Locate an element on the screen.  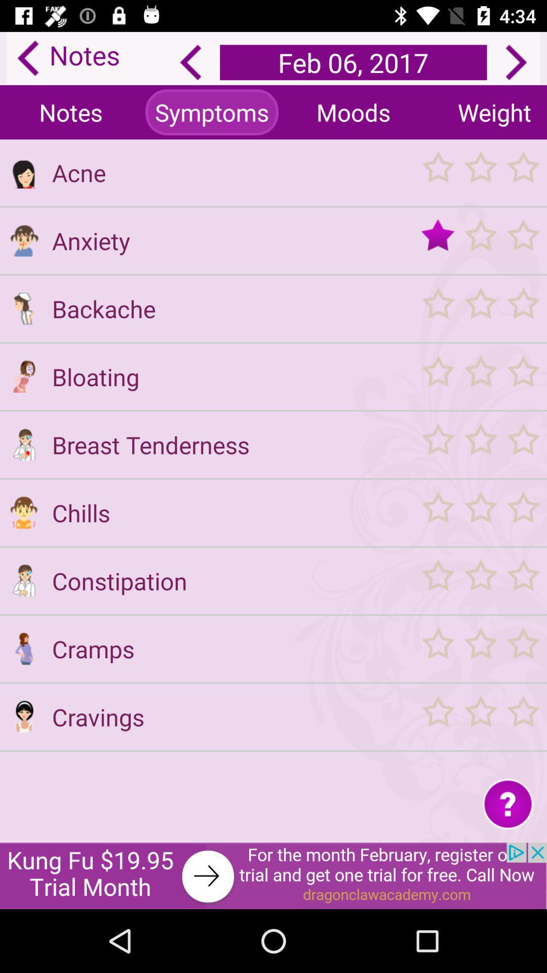
star readding is located at coordinates (480, 444).